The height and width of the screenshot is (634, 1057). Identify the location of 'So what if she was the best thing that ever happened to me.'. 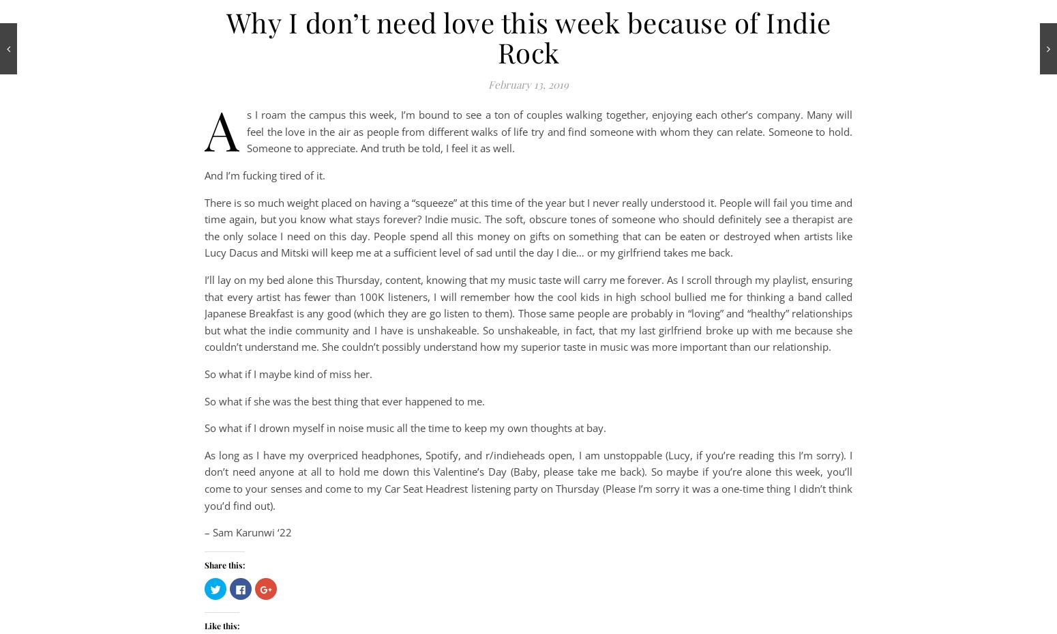
(344, 400).